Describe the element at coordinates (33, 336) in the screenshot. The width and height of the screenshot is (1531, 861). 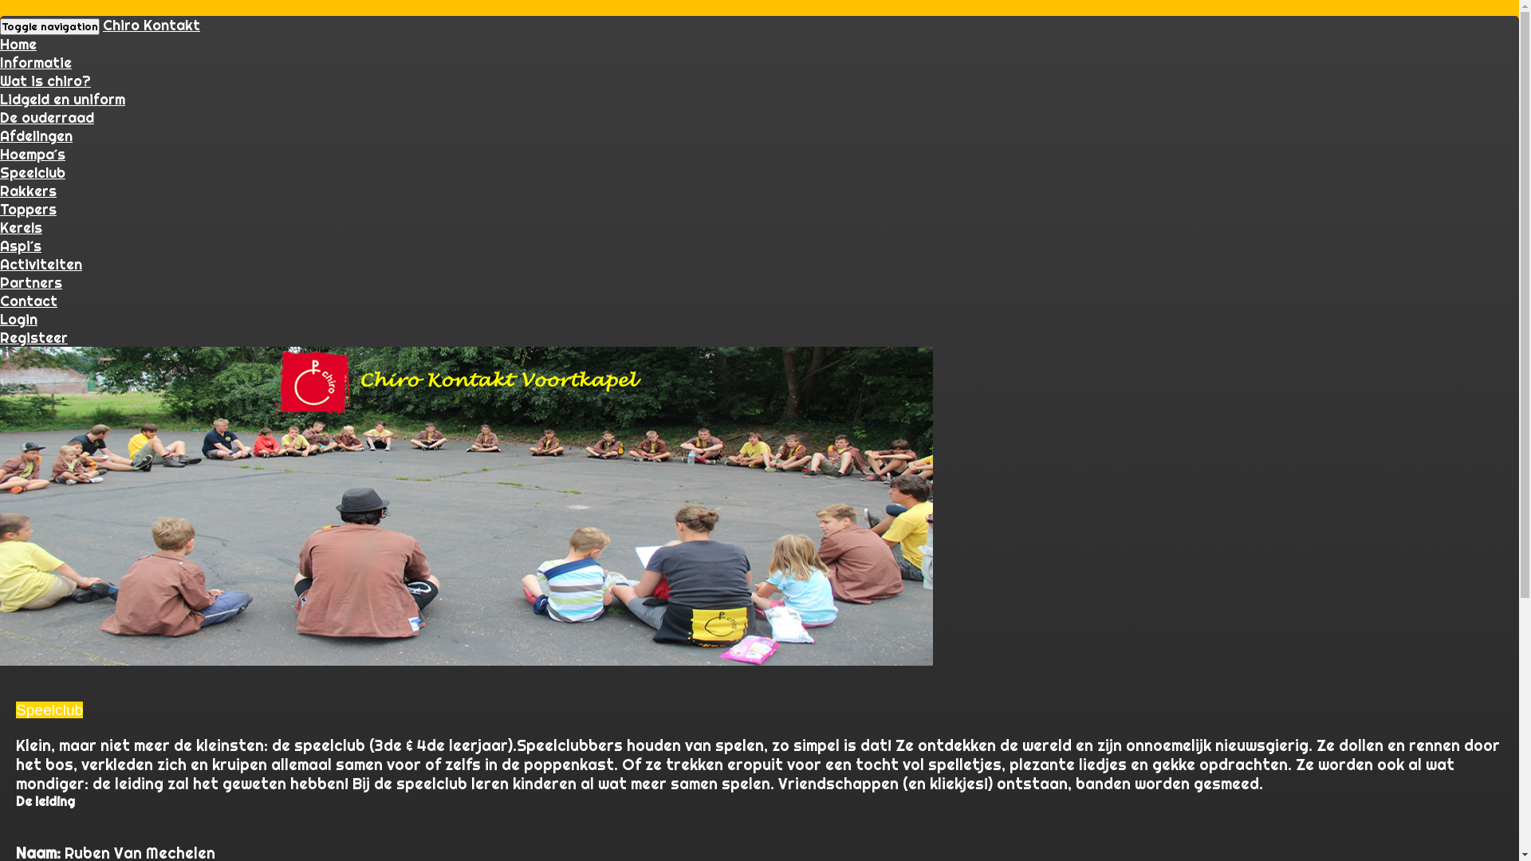
I see `'Registeer'` at that location.